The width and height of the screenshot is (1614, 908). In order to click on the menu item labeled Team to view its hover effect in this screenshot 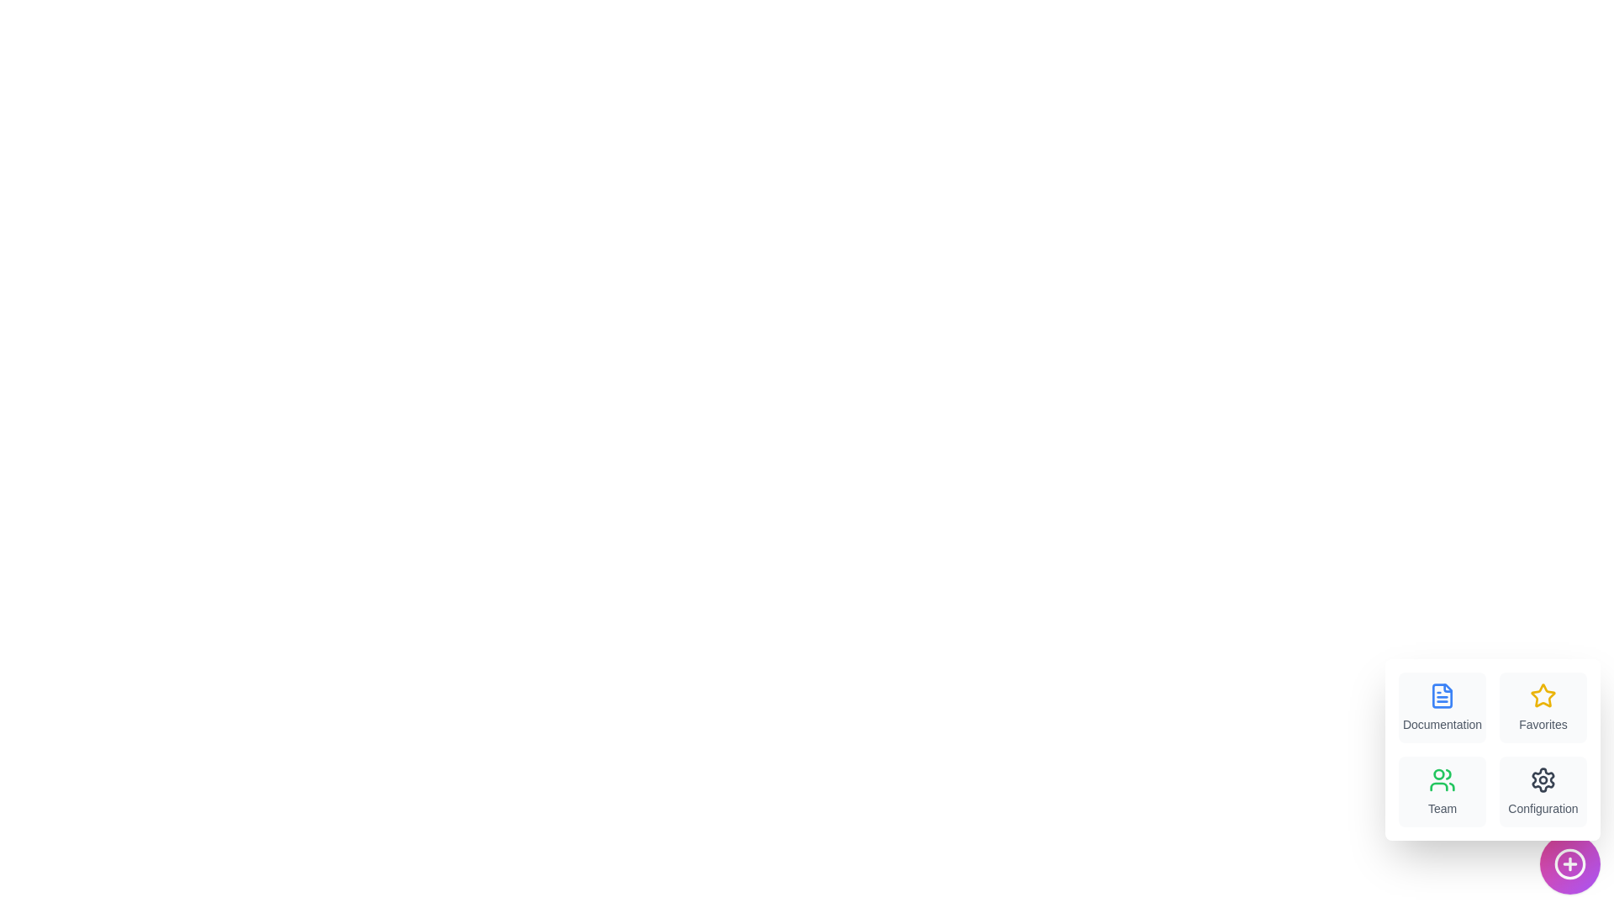, I will do `click(1442, 791)`.